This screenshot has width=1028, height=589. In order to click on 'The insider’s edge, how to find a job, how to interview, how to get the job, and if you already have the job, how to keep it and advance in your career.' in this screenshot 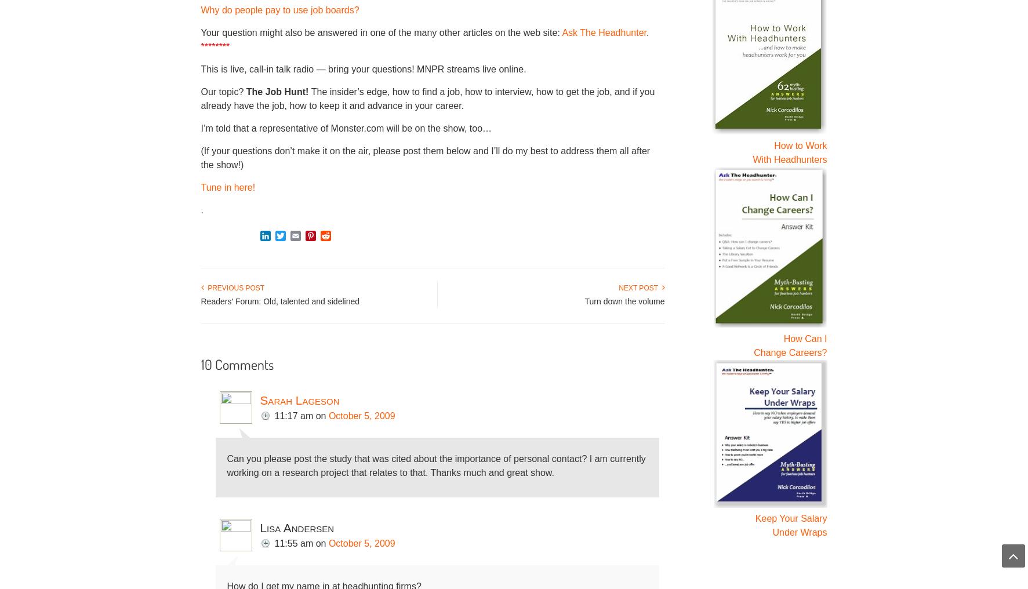, I will do `click(427, 97)`.